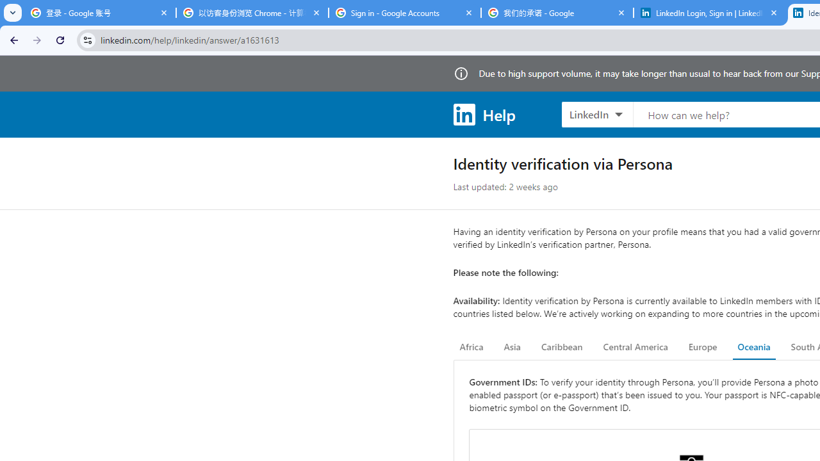 Image resolution: width=820 pixels, height=461 pixels. Describe the element at coordinates (511, 347) in the screenshot. I see `'Asia'` at that location.